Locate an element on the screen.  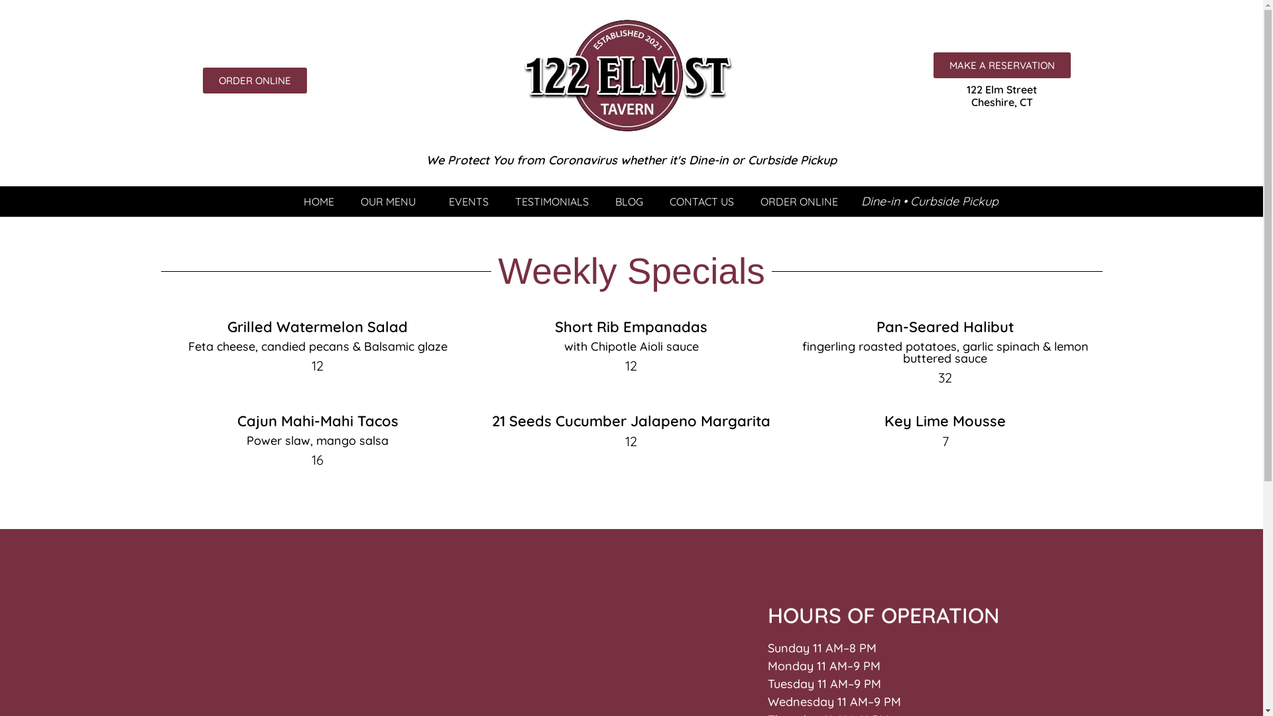
'CONTACT US' is located at coordinates (656, 202).